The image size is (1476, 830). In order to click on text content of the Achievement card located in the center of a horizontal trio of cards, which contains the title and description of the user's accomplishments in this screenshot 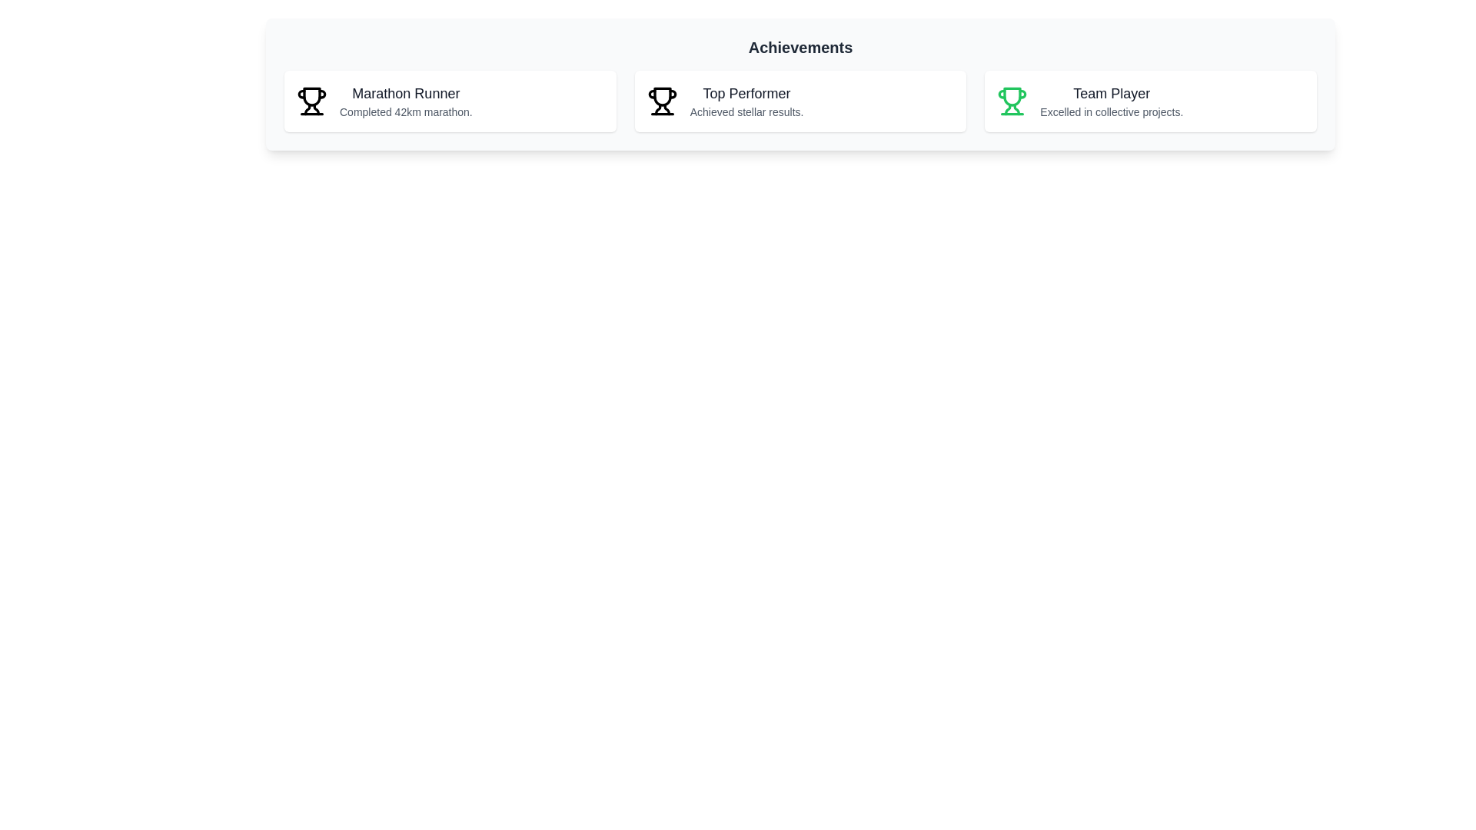, I will do `click(746, 101)`.